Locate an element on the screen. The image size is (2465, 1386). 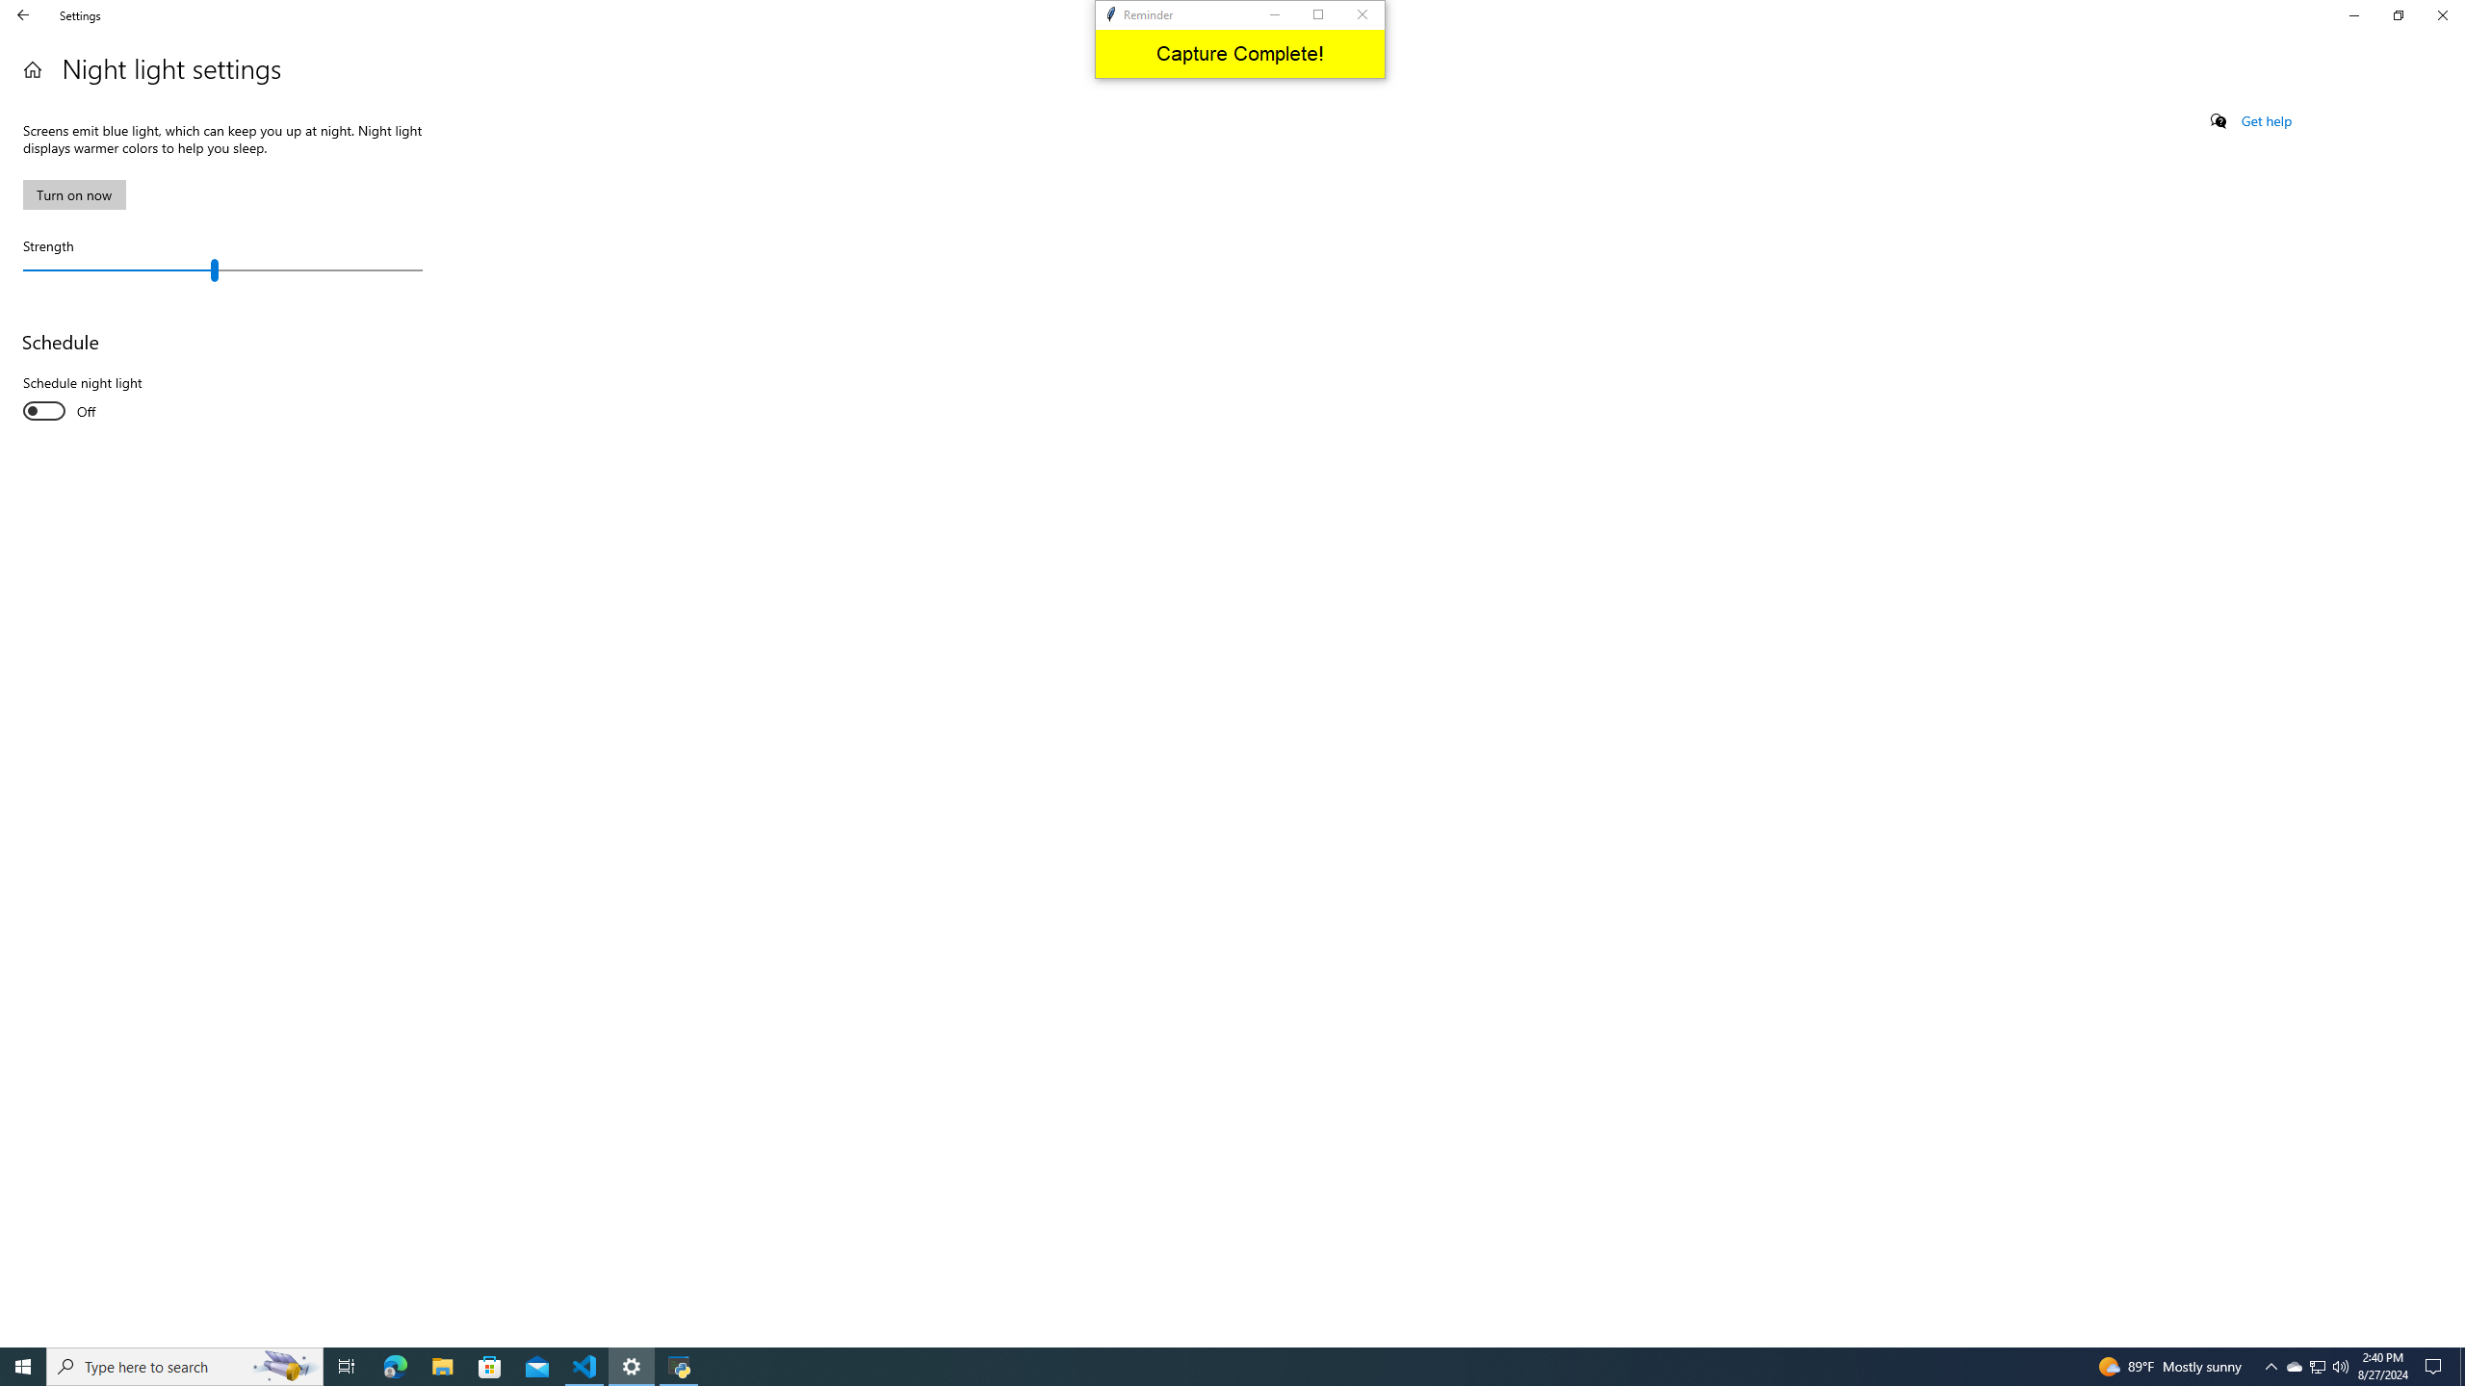
'Q2790: 100%' is located at coordinates (2339, 1365).